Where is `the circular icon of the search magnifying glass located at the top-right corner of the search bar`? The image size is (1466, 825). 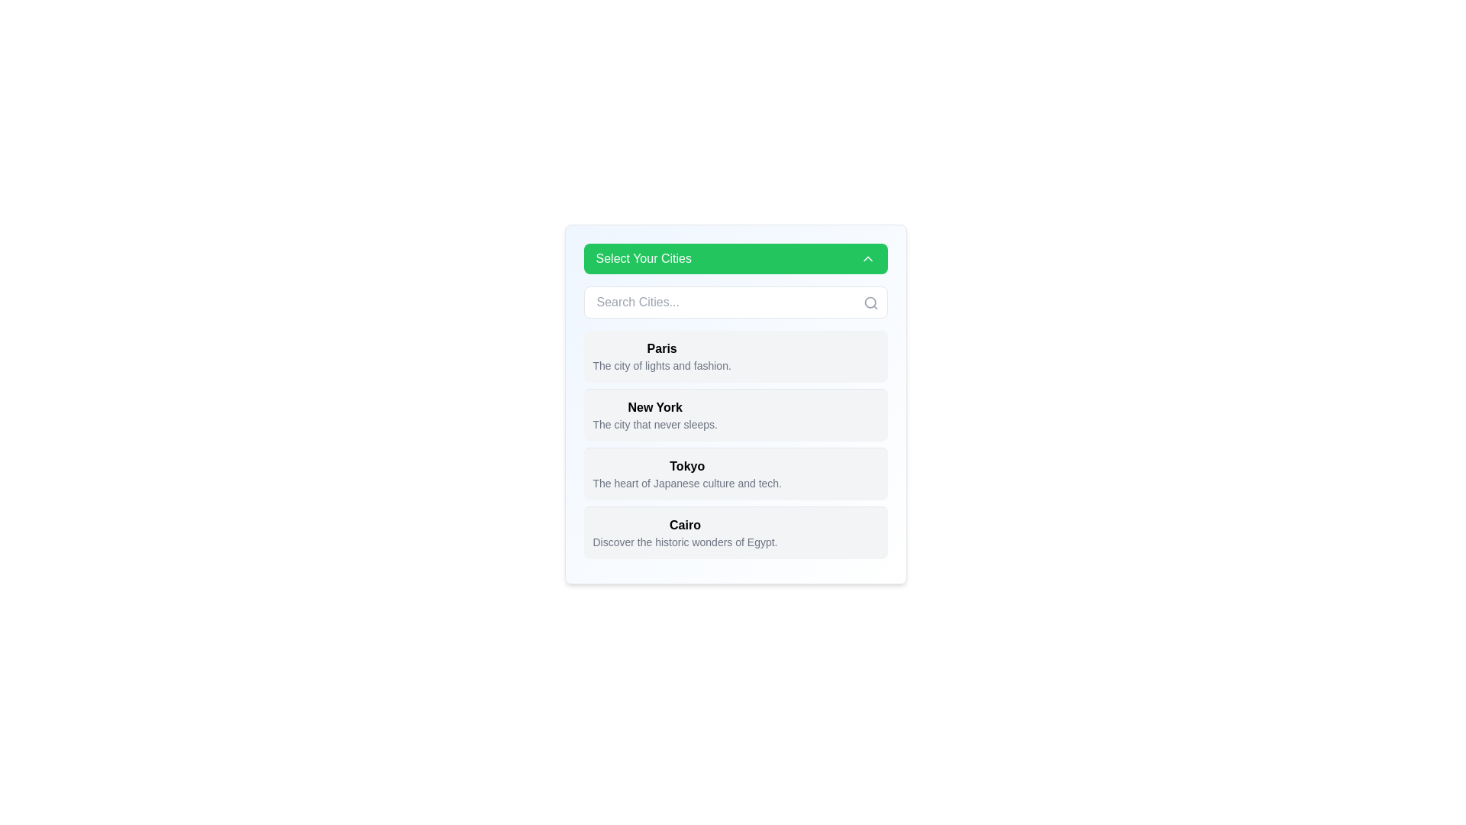
the circular icon of the search magnifying glass located at the top-right corner of the search bar is located at coordinates (870, 302).